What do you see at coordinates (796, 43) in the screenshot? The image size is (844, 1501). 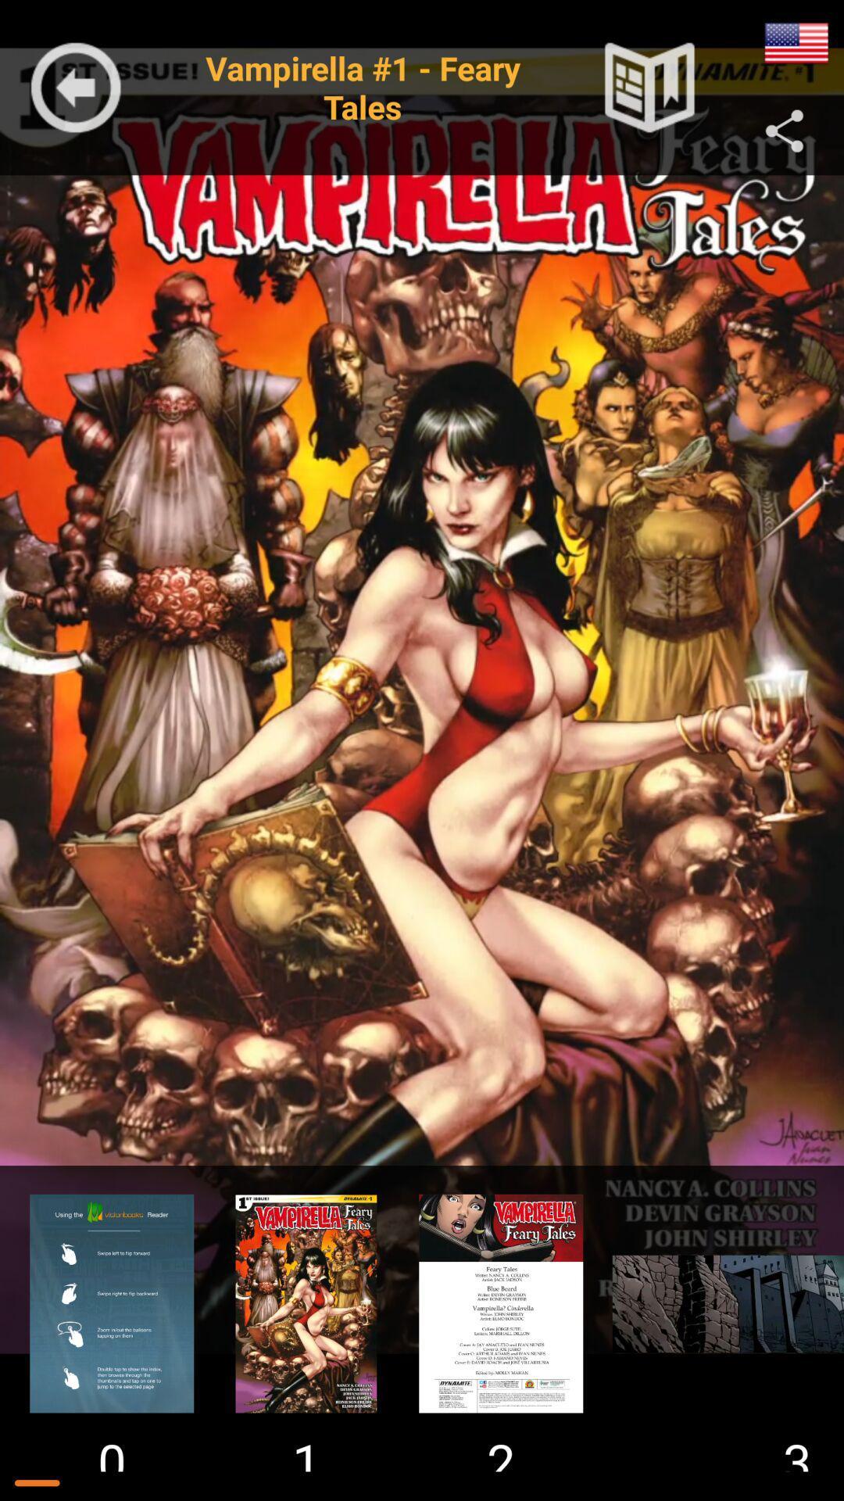 I see `change the language` at bounding box center [796, 43].